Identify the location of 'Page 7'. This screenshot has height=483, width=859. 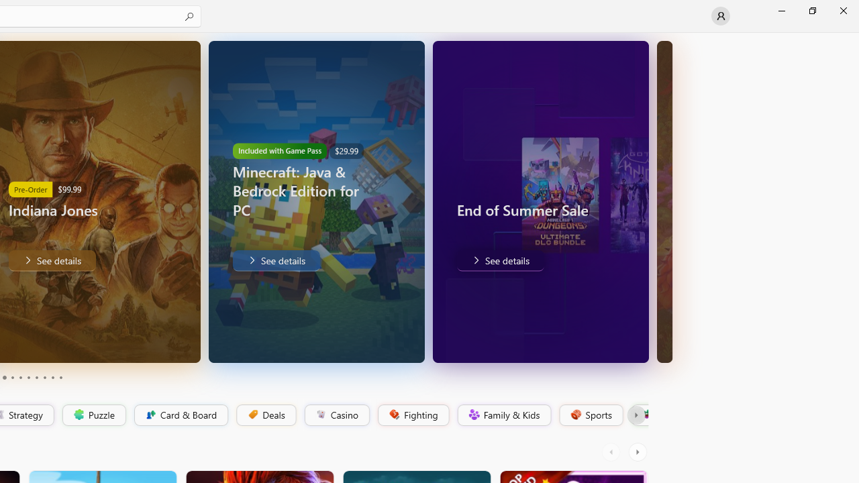
(36, 378).